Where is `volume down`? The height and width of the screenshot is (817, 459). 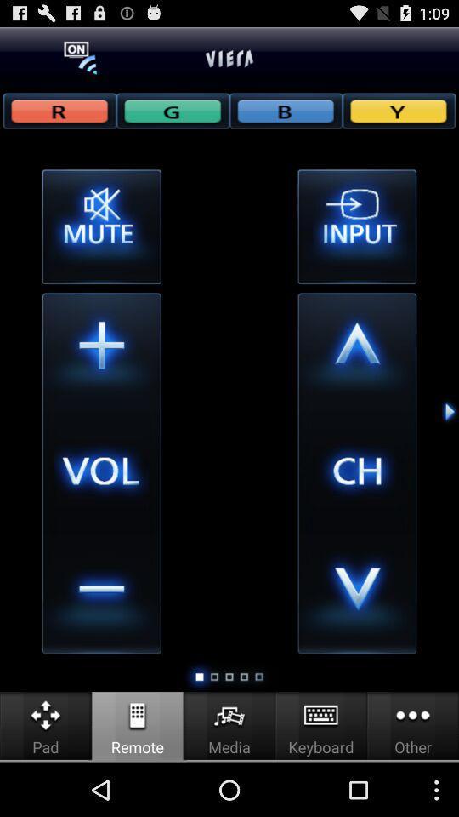
volume down is located at coordinates (101, 594).